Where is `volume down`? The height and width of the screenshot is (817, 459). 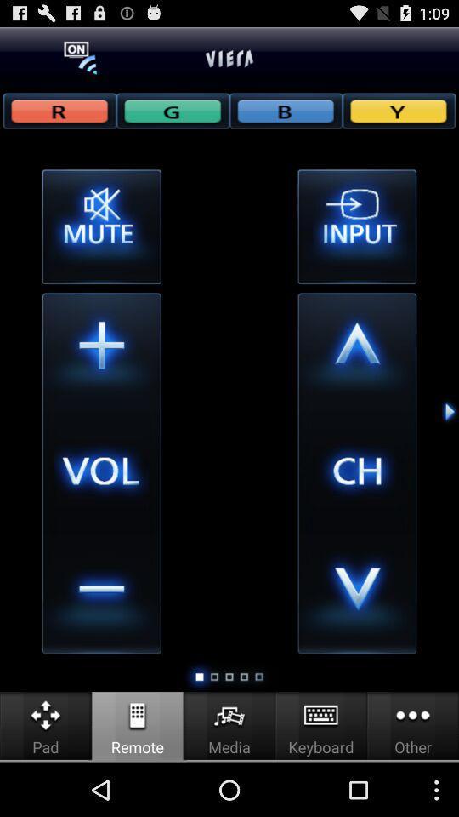
volume down is located at coordinates (101, 594).